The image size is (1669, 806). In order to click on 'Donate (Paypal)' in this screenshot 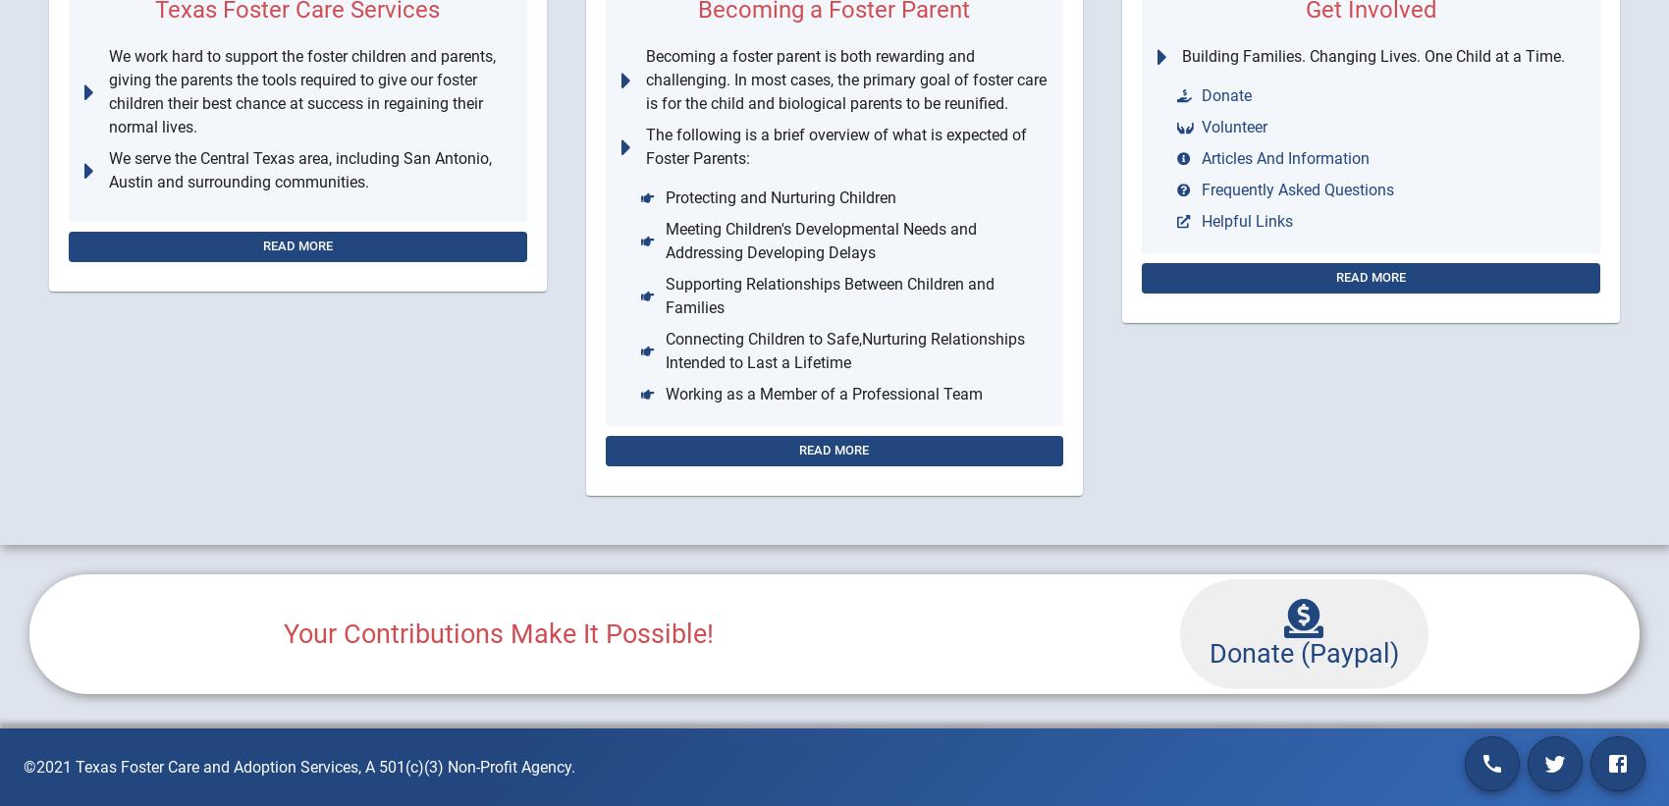, I will do `click(1303, 652)`.